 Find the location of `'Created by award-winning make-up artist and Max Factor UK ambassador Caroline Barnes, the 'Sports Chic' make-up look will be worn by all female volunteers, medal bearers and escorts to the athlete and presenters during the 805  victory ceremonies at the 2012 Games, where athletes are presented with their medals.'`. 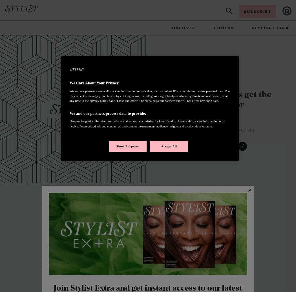

'Created by award-winning make-up artist and Max Factor UK ambassador Caroline Barnes, the 'Sports Chic' make-up look will be worn by all female volunteers, medal bearers and escorts to the athlete and presenters during the 805  victory ceremonies at the 2012 Games, where athletes are presented with their medals.' is located at coordinates (53, 259).